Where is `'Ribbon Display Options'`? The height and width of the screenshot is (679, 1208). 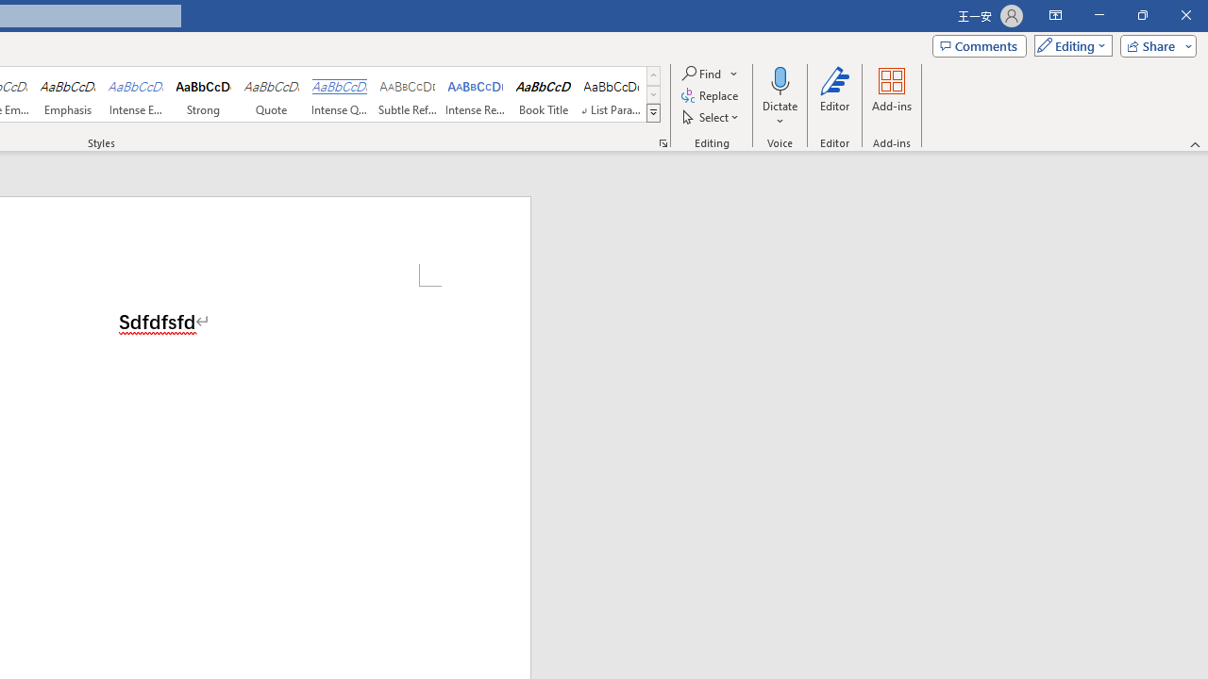 'Ribbon Display Options' is located at coordinates (1054, 15).